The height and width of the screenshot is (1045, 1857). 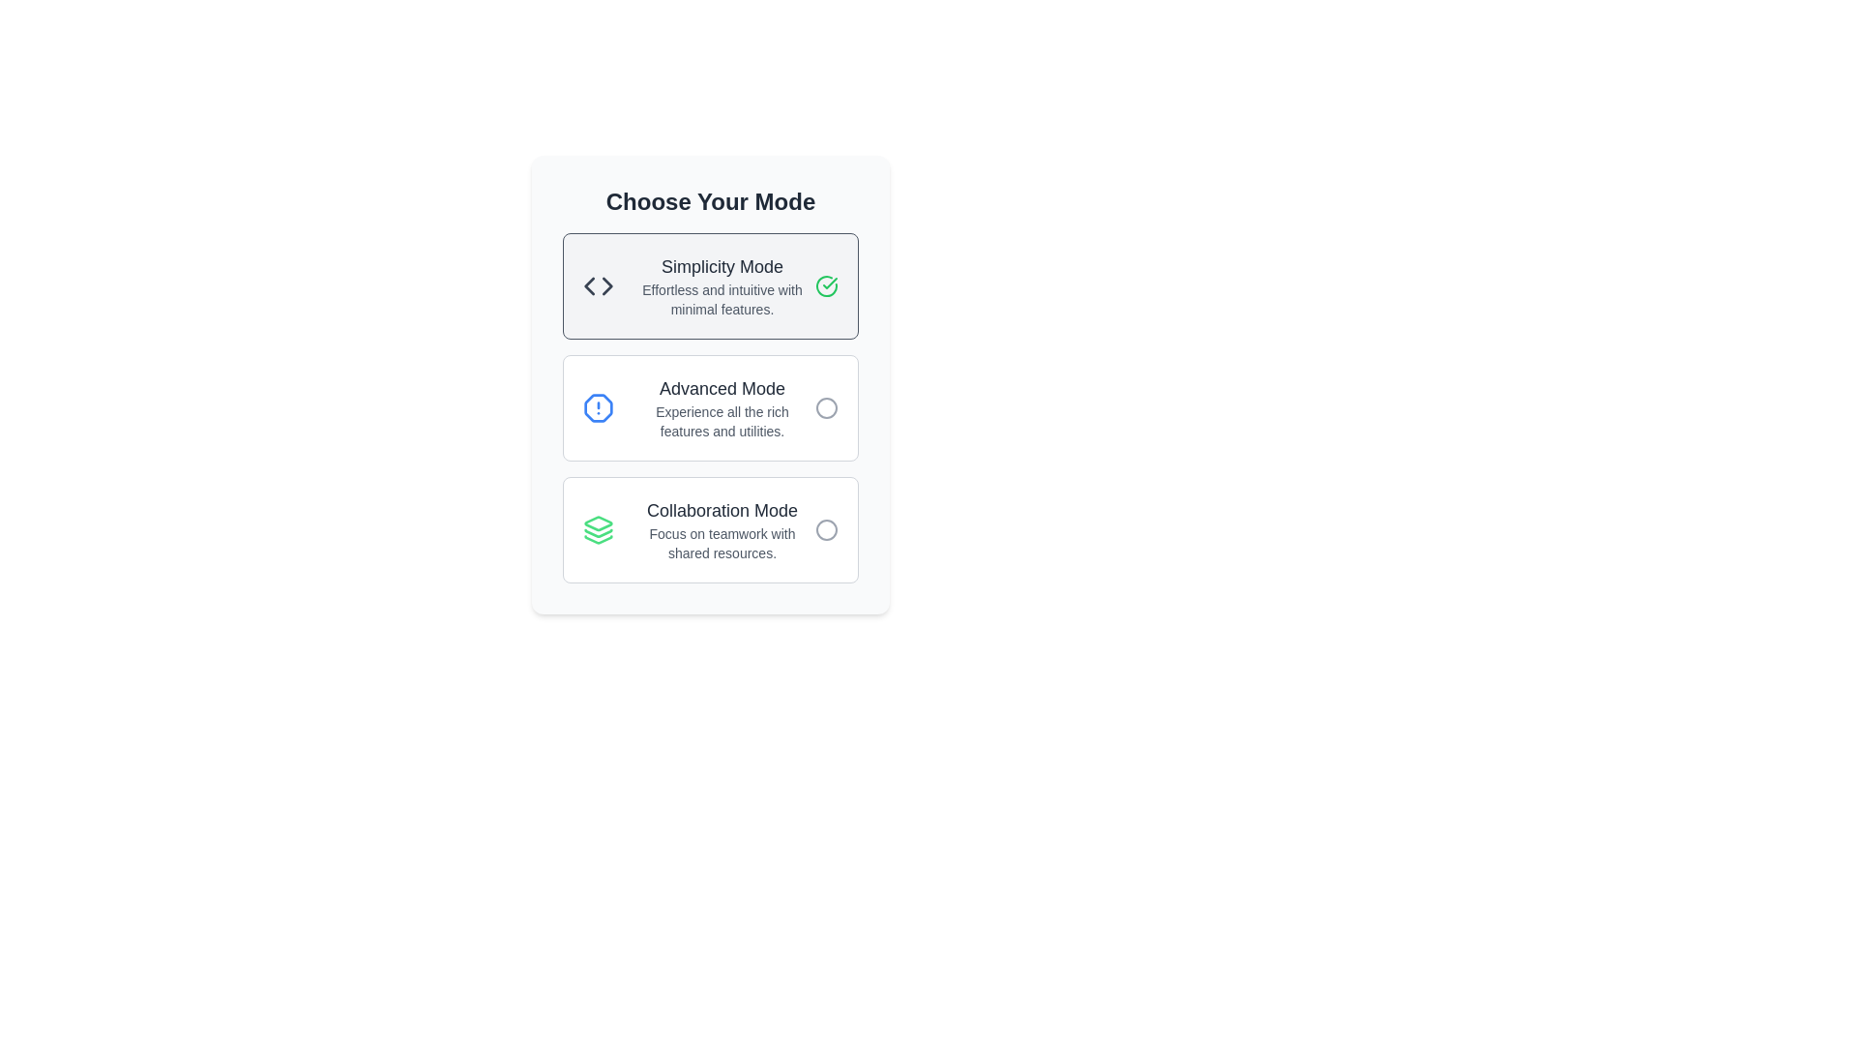 What do you see at coordinates (709, 384) in the screenshot?
I see `one of the mode buttons in the 'Choose Your Mode' card menu` at bounding box center [709, 384].